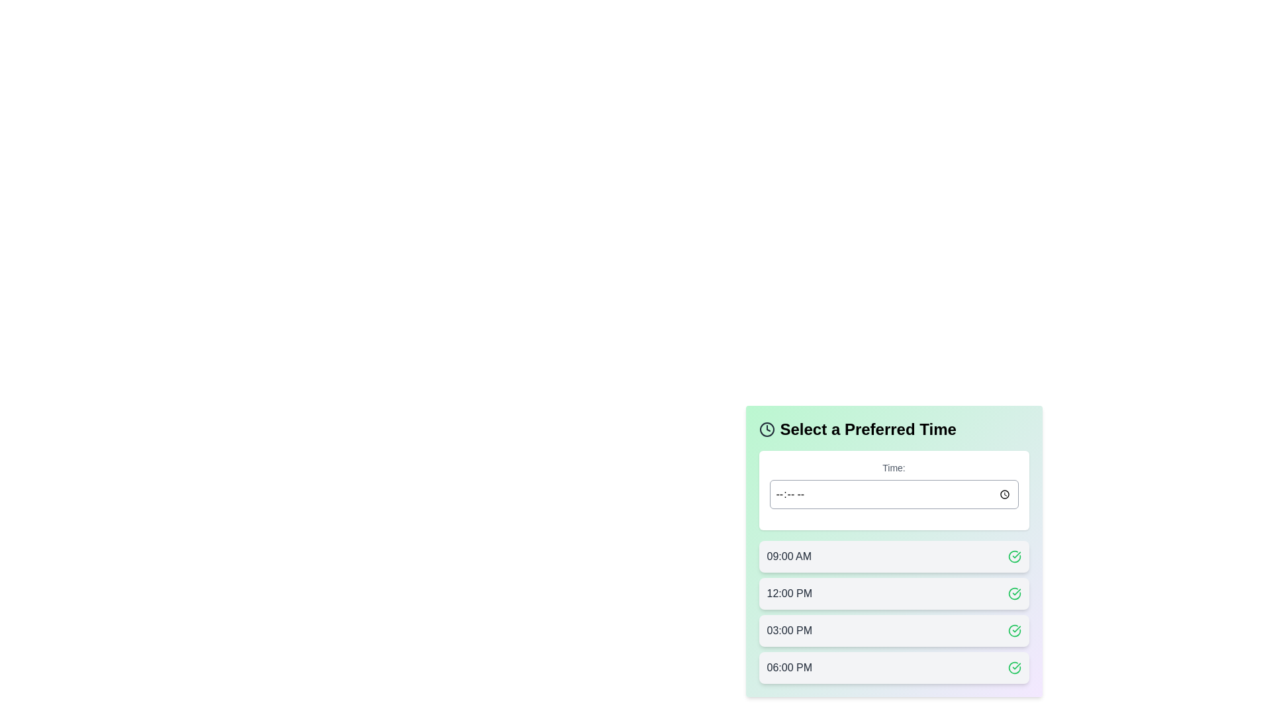 This screenshot has height=715, width=1271. I want to click on the selectable time option '06:00 PM' which is the last item in the list under the header 'Select a Preferred Time', so click(894, 668).